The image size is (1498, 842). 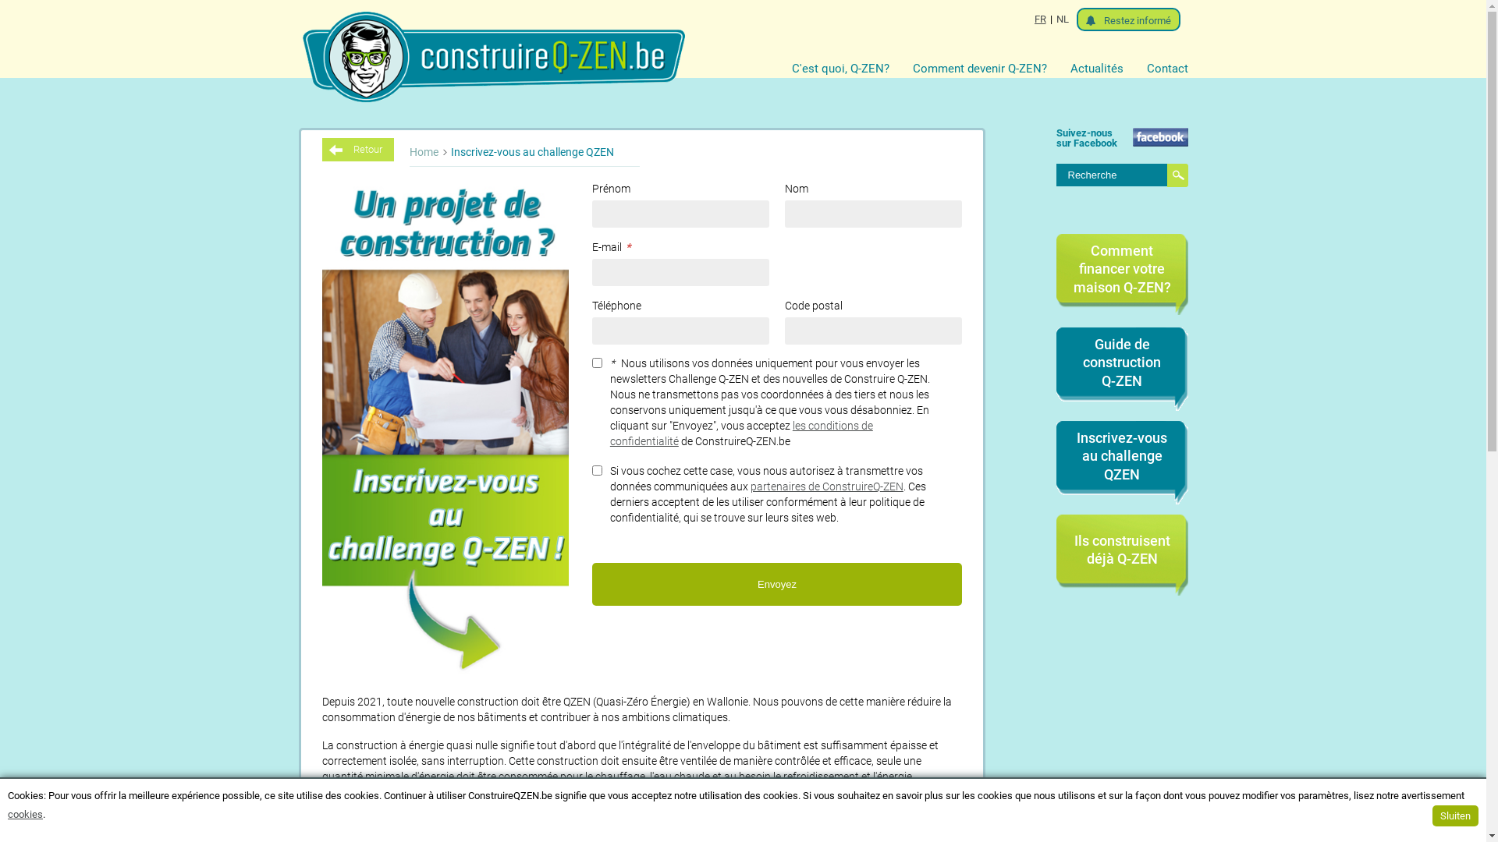 What do you see at coordinates (356, 150) in the screenshot?
I see `'Retour'` at bounding box center [356, 150].